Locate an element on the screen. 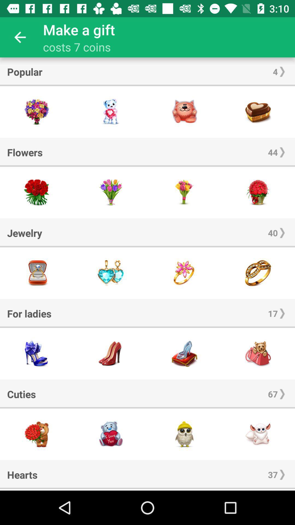  gift is located at coordinates (37, 273).